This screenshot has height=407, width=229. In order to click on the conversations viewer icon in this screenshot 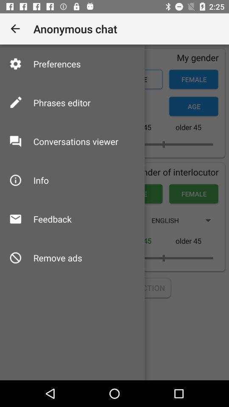, I will do `click(75, 141)`.